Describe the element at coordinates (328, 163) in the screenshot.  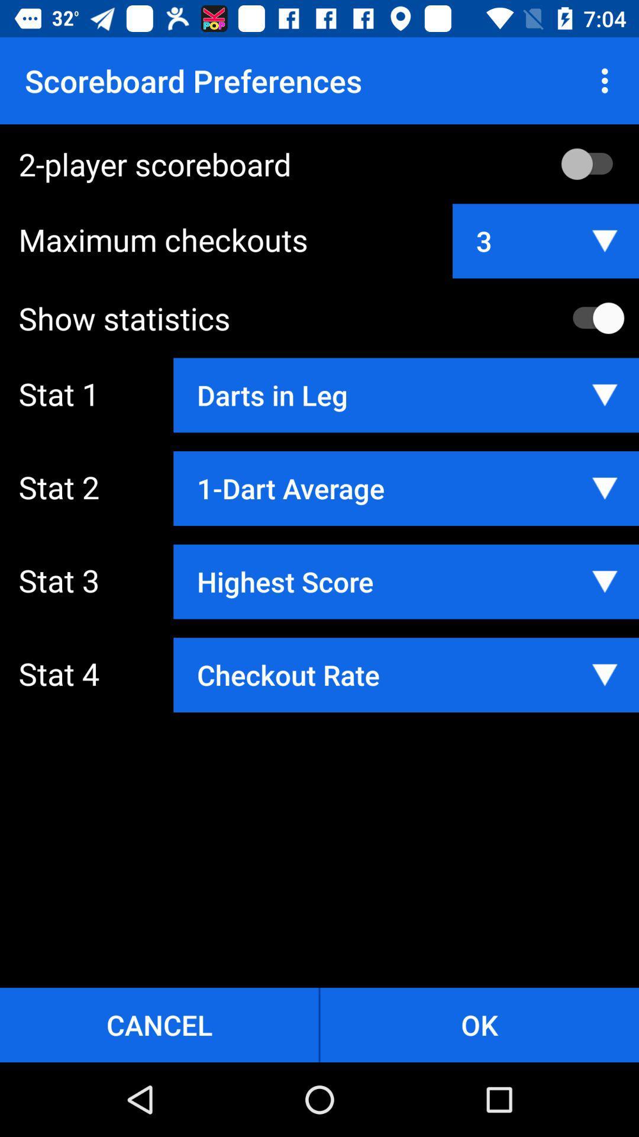
I see `2-player scoreboard icon` at that location.